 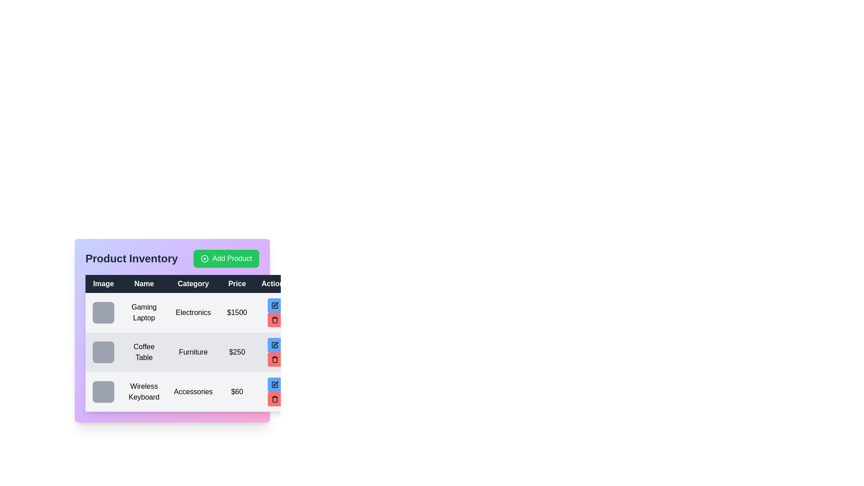 I want to click on the trash can icon located in the last column of a table row, which is within a red background button, so click(x=274, y=359).